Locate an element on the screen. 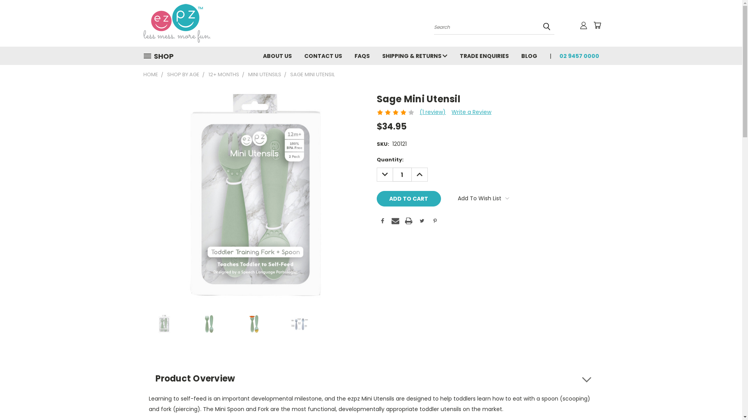 Image resolution: width=748 pixels, height=420 pixels. 'CONTACT US' is located at coordinates (297, 55).